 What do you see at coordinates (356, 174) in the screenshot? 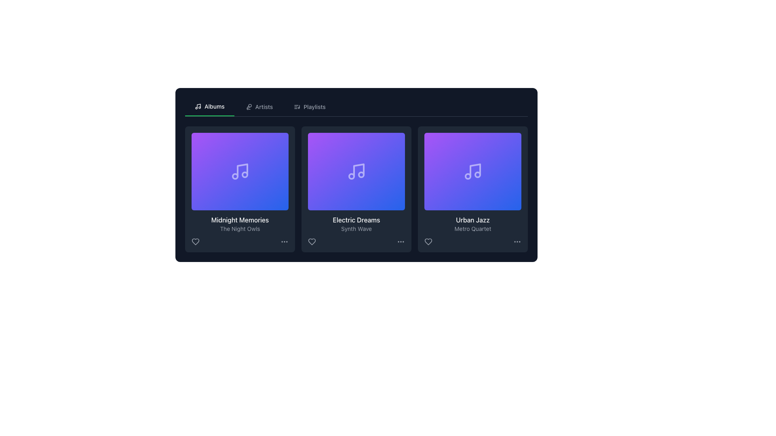
I see `the Navigation Panel, which has a dark grey background and contains sections labeled 'Albums,' 'Artists,' and 'Playlists,'` at bounding box center [356, 174].